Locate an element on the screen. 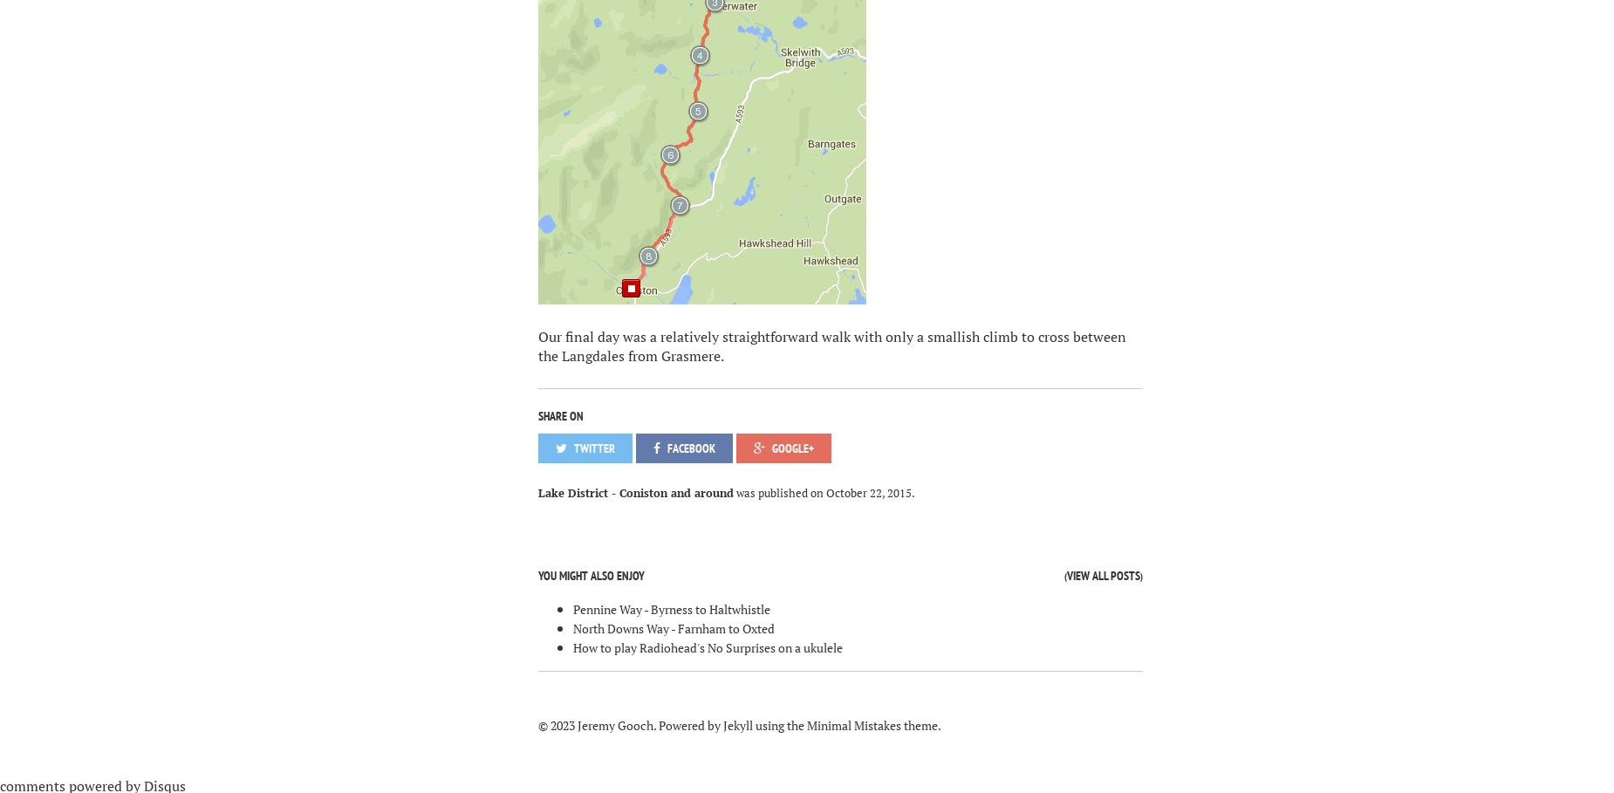  'You might also enjoy' is located at coordinates (590, 575).